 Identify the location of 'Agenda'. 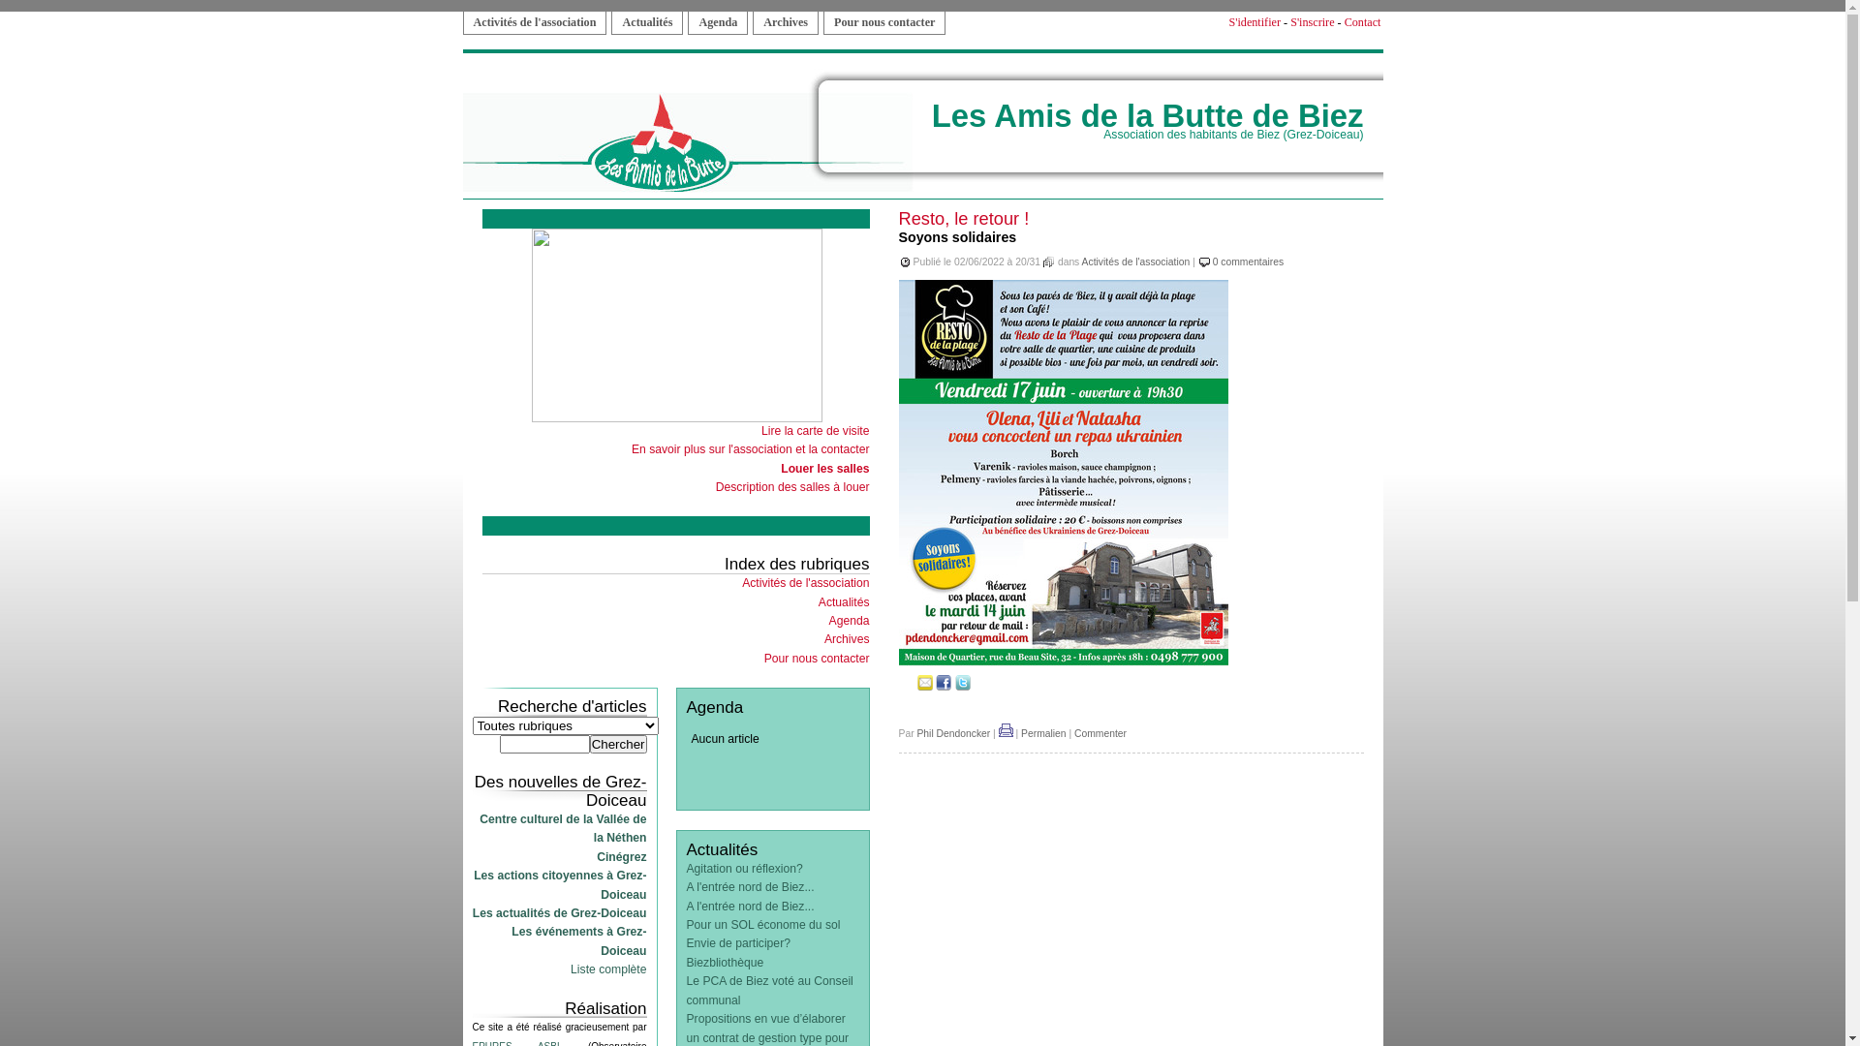
(716, 22).